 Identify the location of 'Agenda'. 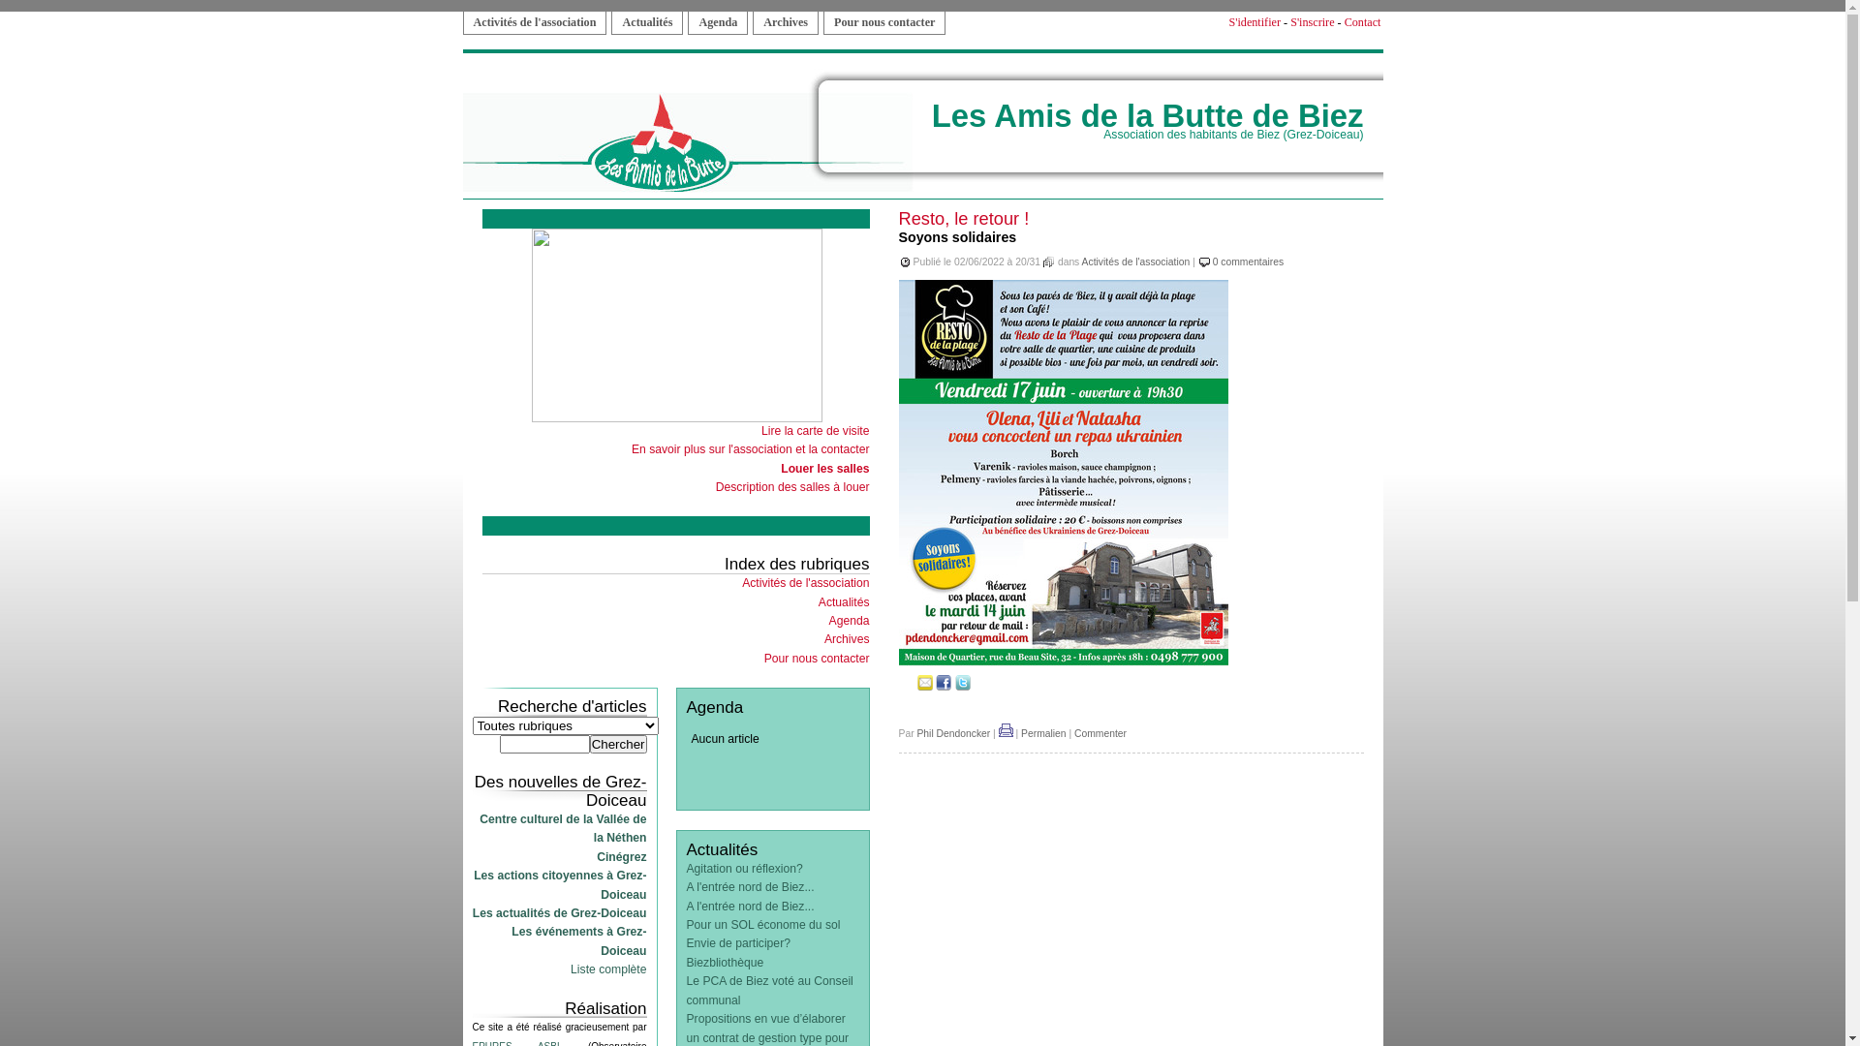
(716, 22).